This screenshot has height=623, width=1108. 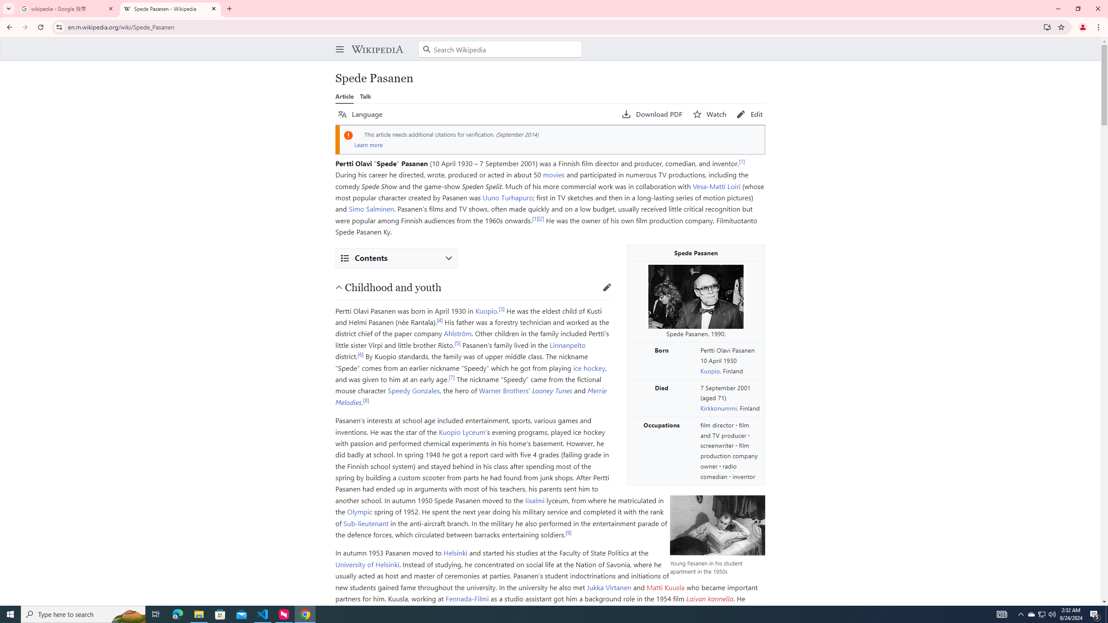 I want to click on 'AutomationID: page-actions-watch', so click(x=709, y=114).